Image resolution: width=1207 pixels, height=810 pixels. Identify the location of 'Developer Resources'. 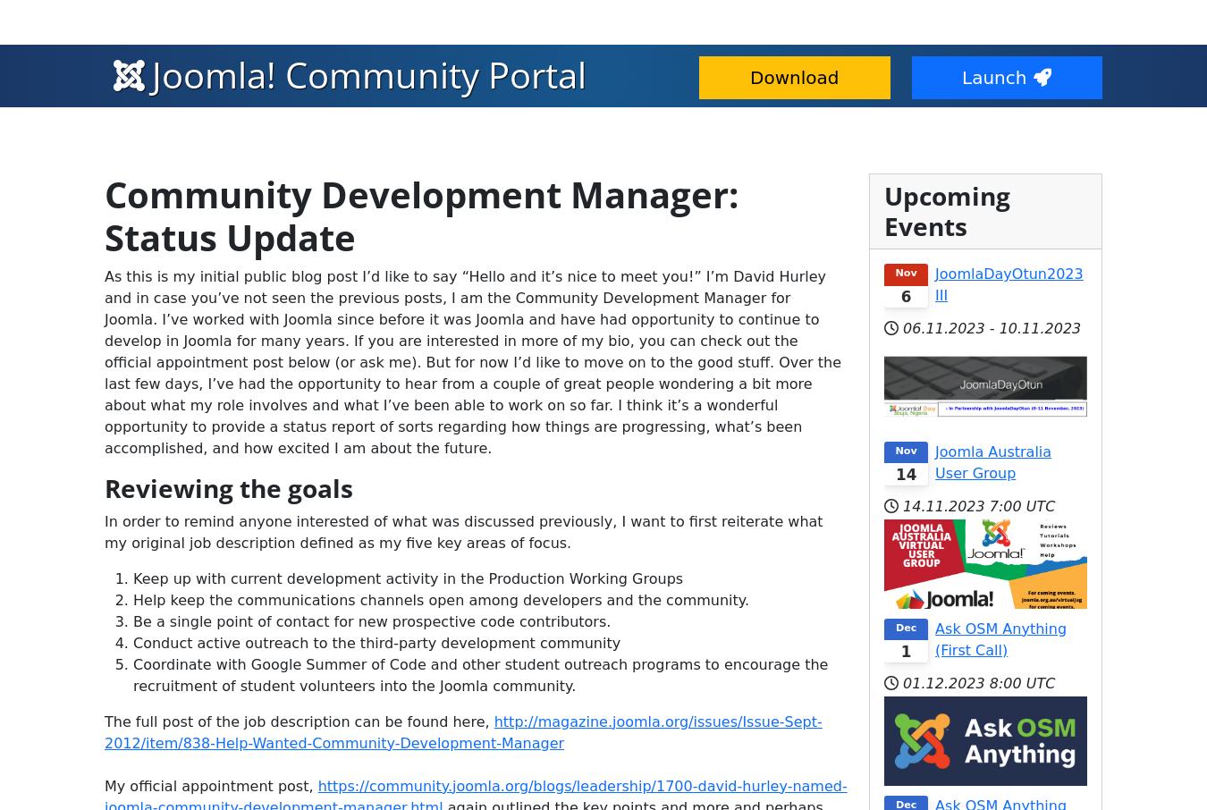
(764, 21).